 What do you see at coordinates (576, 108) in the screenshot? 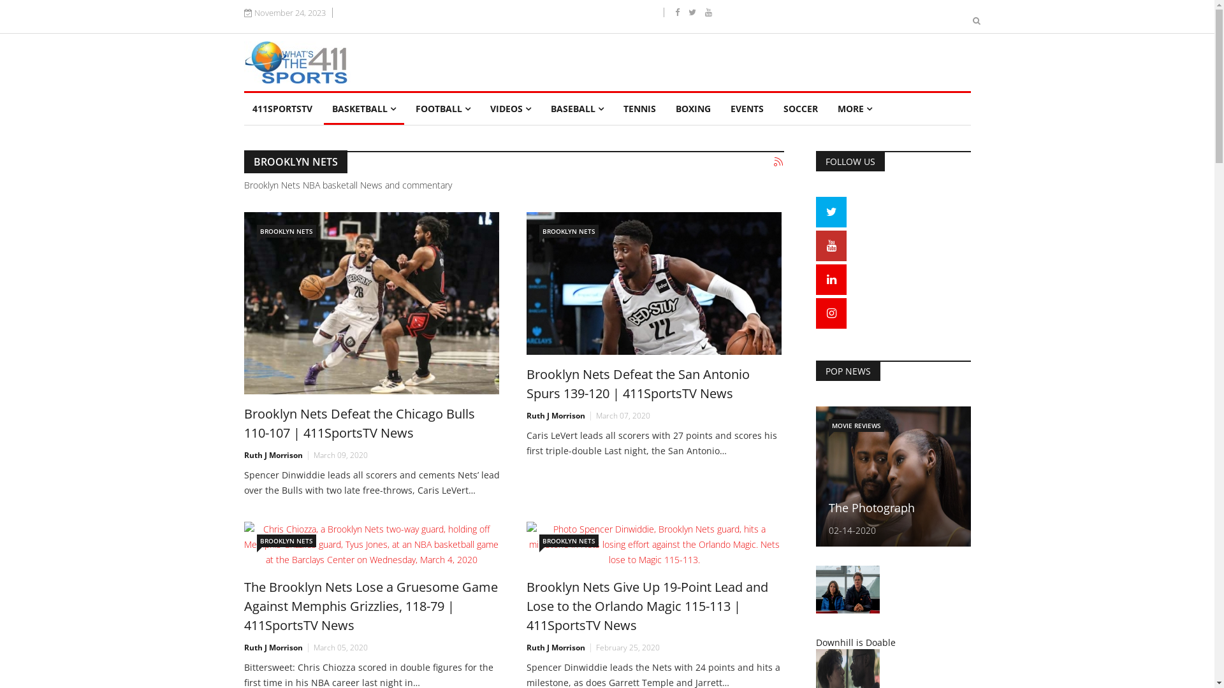
I see `'BASEBALL'` at bounding box center [576, 108].